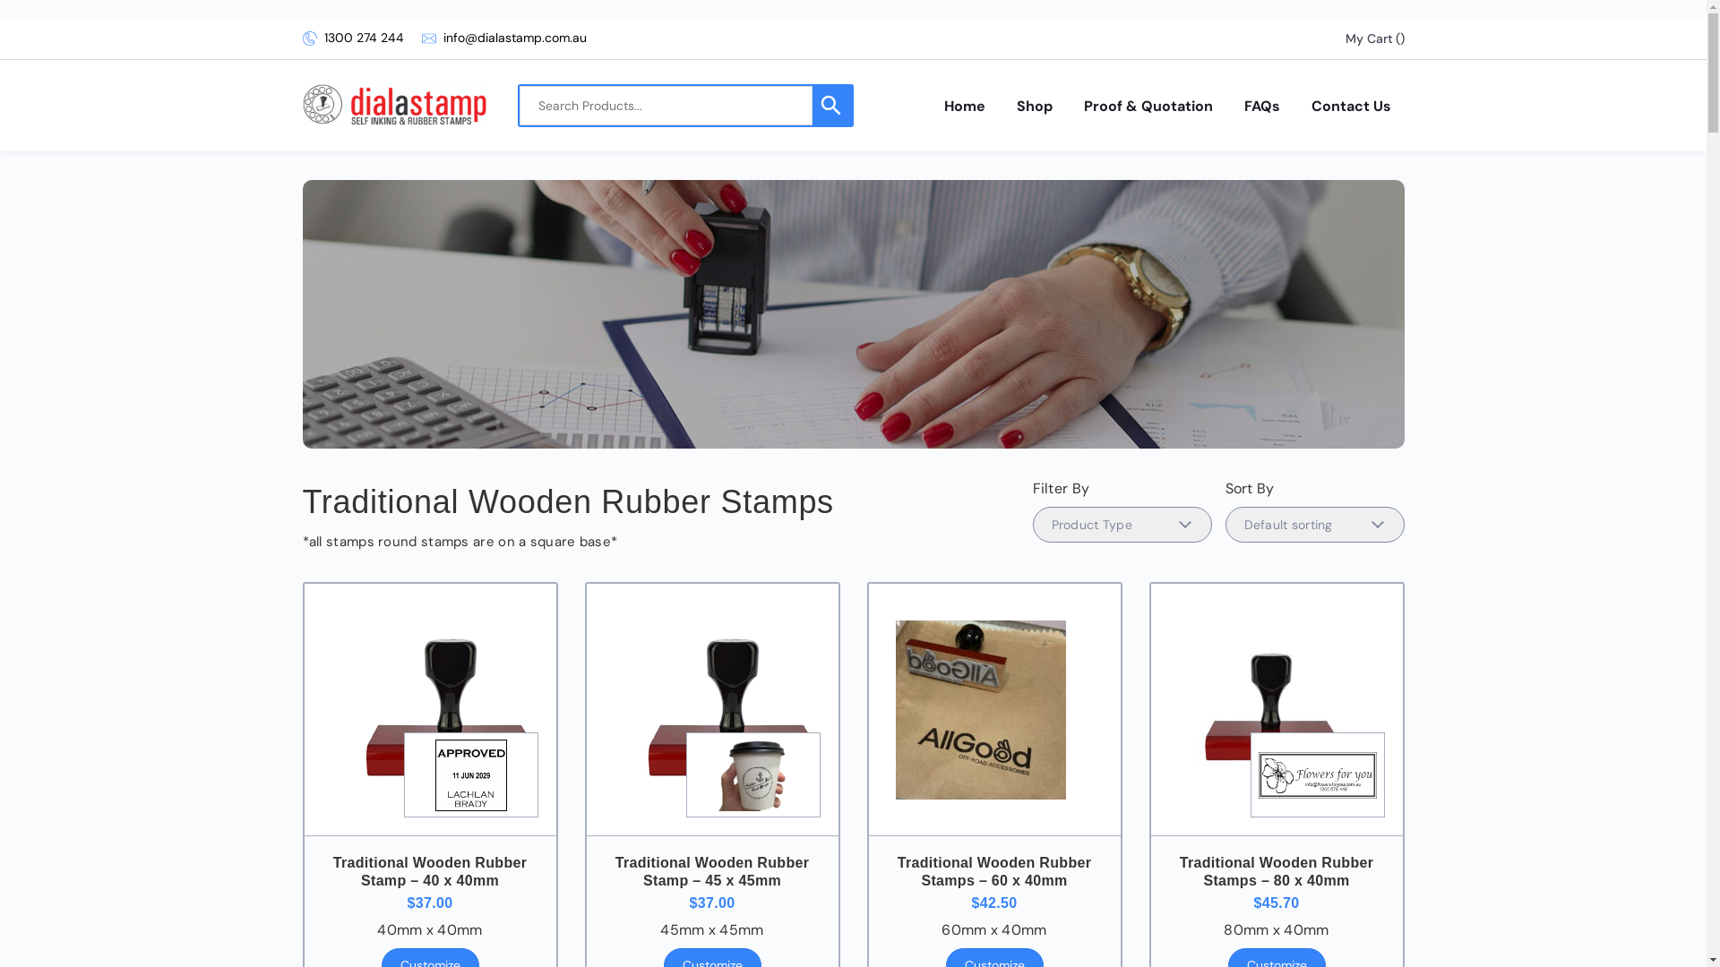 This screenshot has height=967, width=1720. Describe the element at coordinates (427, 38) in the screenshot. I see `'info@dialastamp.com.au'` at that location.